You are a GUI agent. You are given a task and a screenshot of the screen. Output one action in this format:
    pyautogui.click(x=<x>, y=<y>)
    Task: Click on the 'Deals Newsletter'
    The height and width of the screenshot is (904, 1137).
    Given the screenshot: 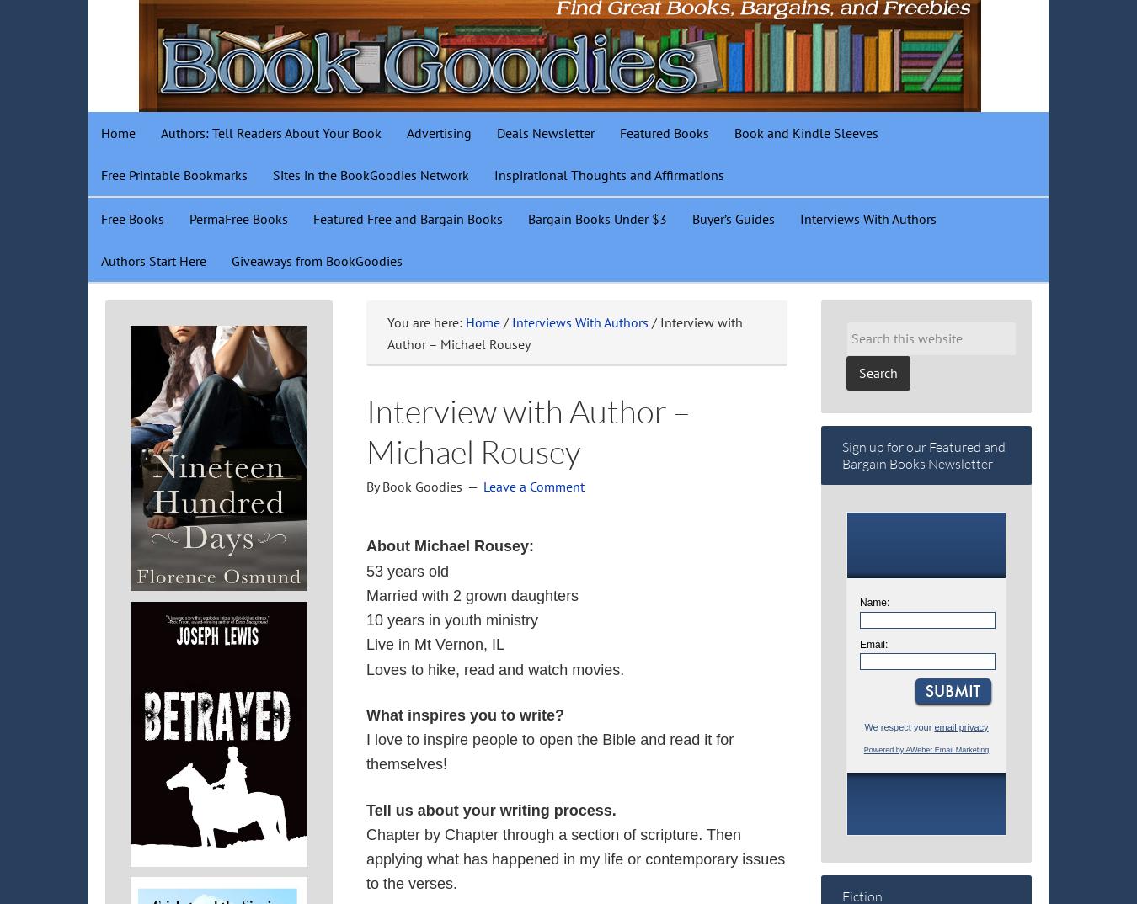 What is the action you would take?
    pyautogui.click(x=546, y=131)
    